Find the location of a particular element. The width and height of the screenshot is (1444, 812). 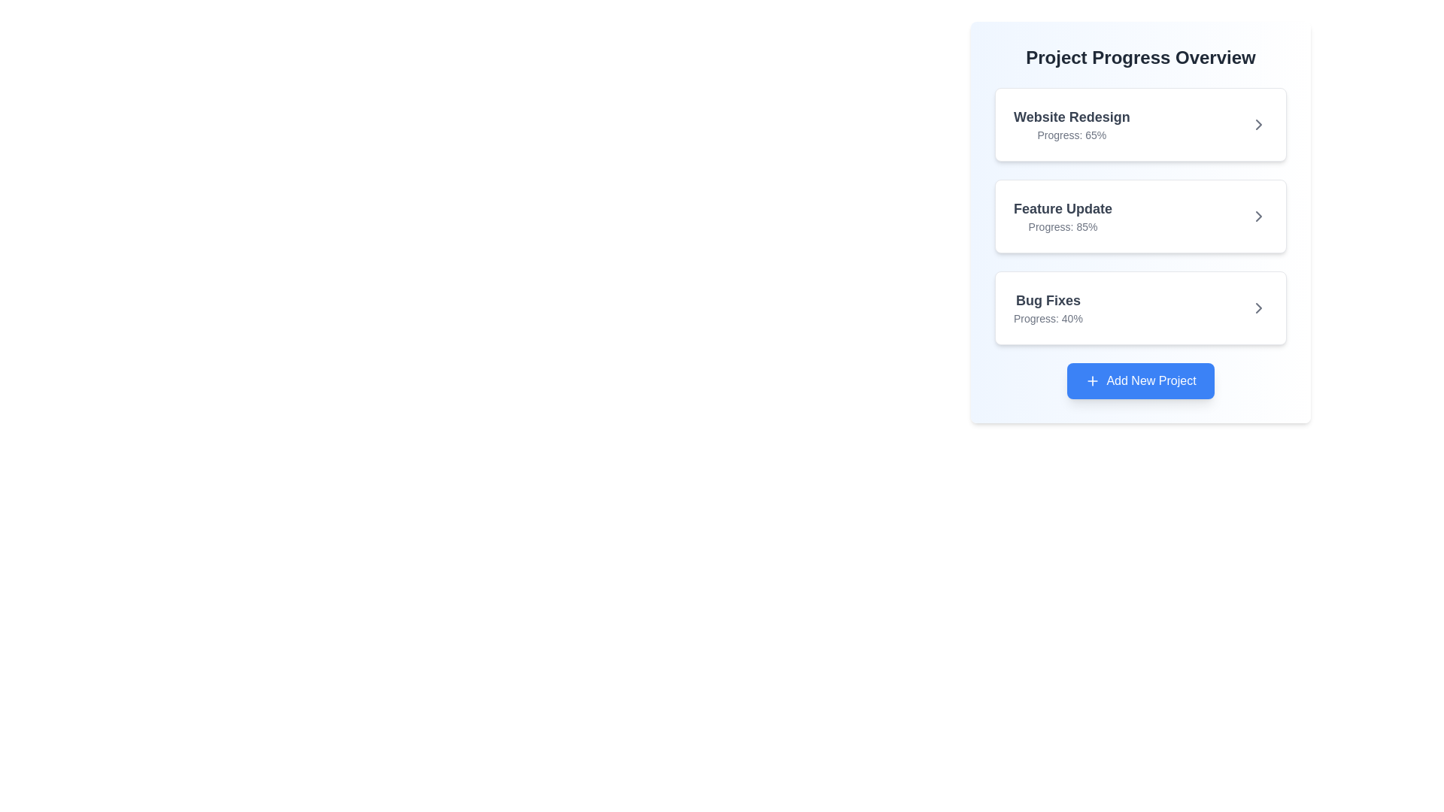

the small right-pointing arrow icon next to the 'Bug Fixes' text in the third row is located at coordinates (1259, 307).